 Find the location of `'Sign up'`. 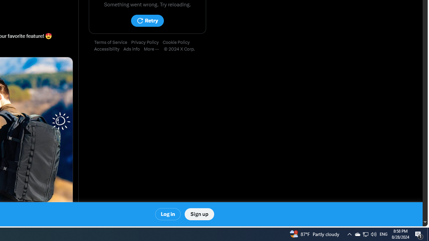

'Sign up' is located at coordinates (199, 214).